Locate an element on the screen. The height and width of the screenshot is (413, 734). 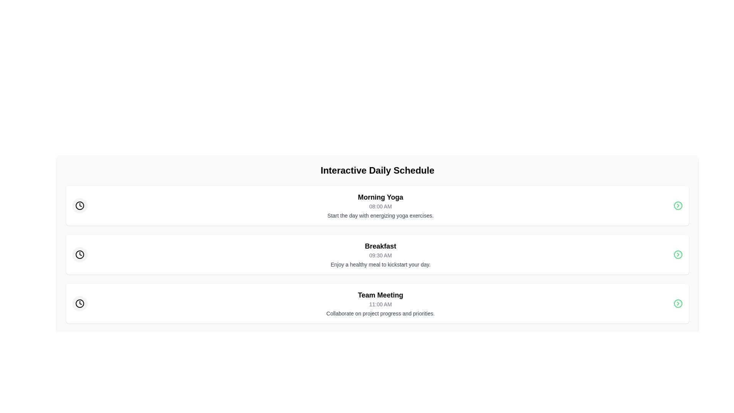
the clock icon located at the top-left corner of the first row in the list, next to the 'Morning Yoga' text is located at coordinates (80, 205).